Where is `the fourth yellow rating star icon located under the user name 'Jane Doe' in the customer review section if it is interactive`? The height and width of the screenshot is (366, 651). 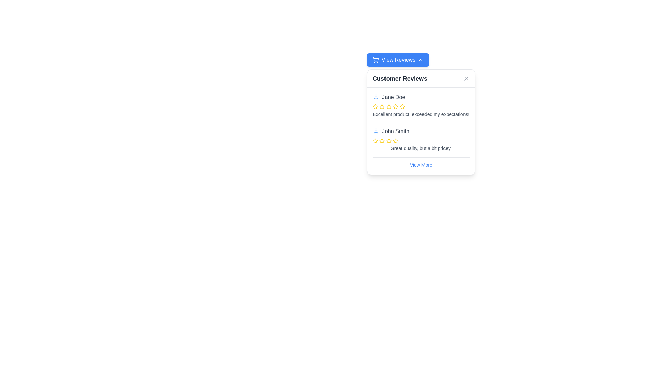
the fourth yellow rating star icon located under the user name 'Jane Doe' in the customer review section if it is interactive is located at coordinates (389, 107).